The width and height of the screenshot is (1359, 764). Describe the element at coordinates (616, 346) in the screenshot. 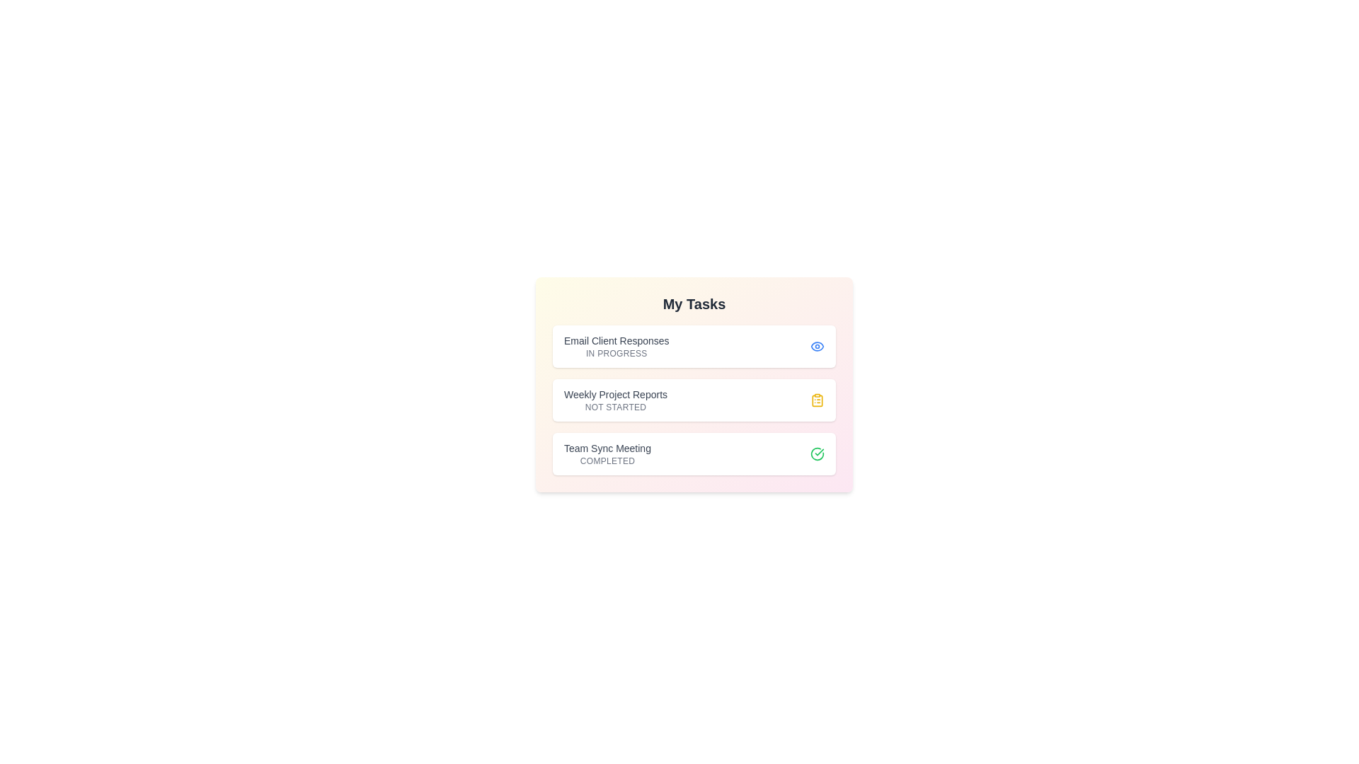

I see `the task name to view its details. The task to click is specified by the parameter Email Client Responses` at that location.